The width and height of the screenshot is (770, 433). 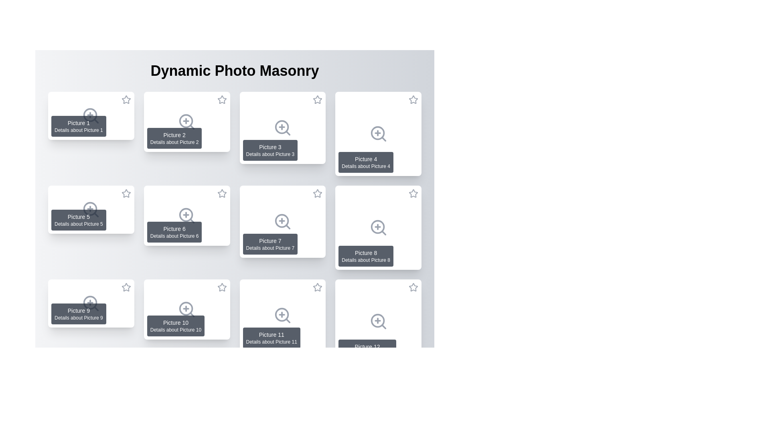 What do you see at coordinates (270, 150) in the screenshot?
I see `information displayed on the text label located near the bottom-left corner of the white card in the third column of the grid layout` at bounding box center [270, 150].